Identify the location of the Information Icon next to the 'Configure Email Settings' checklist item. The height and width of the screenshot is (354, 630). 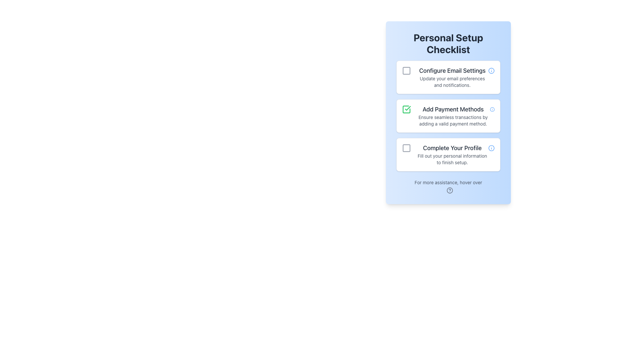
(492, 71).